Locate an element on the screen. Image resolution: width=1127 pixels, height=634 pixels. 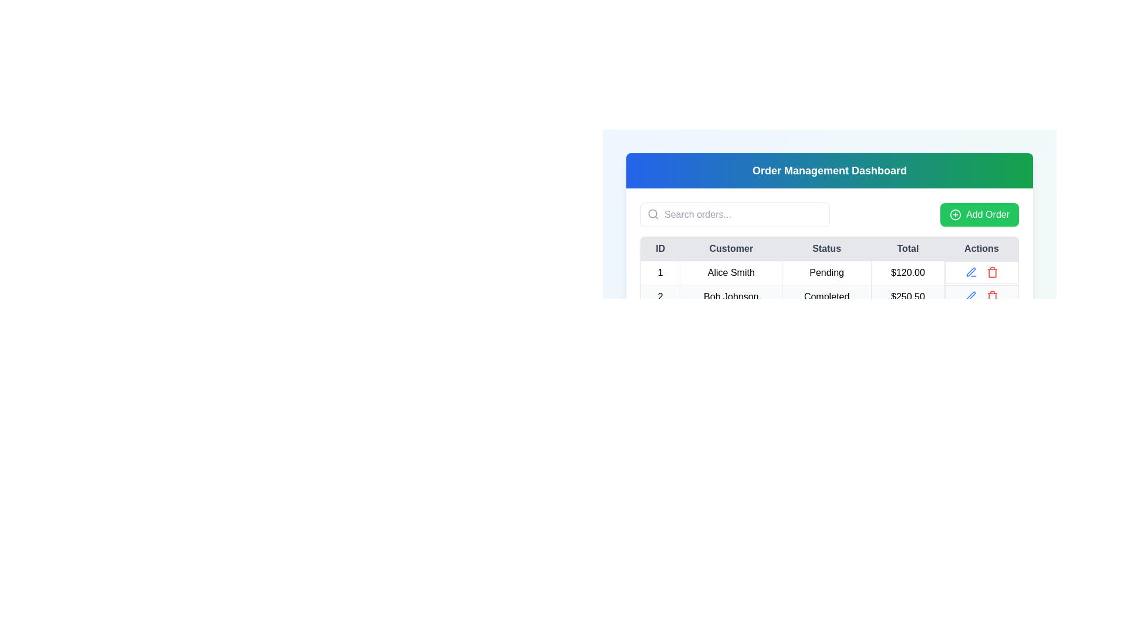
the 'Add Order' button which contains a circular icon with a plus sign inside, located at the top-right corner of the interface is located at coordinates (956, 215).